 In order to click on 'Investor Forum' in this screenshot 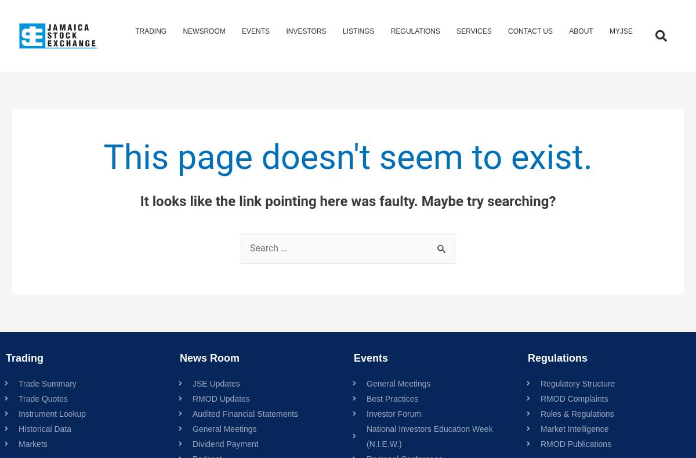, I will do `click(393, 414)`.